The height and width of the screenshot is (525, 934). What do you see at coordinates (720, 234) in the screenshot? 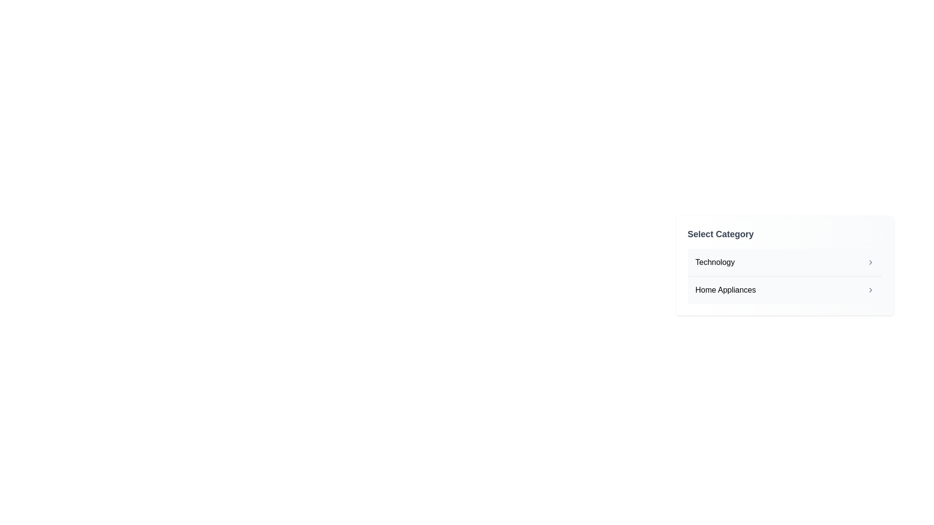
I see `the 'Select Category' text label, which is styled with large bold gray lettering and serves as a header above a list of categories` at bounding box center [720, 234].